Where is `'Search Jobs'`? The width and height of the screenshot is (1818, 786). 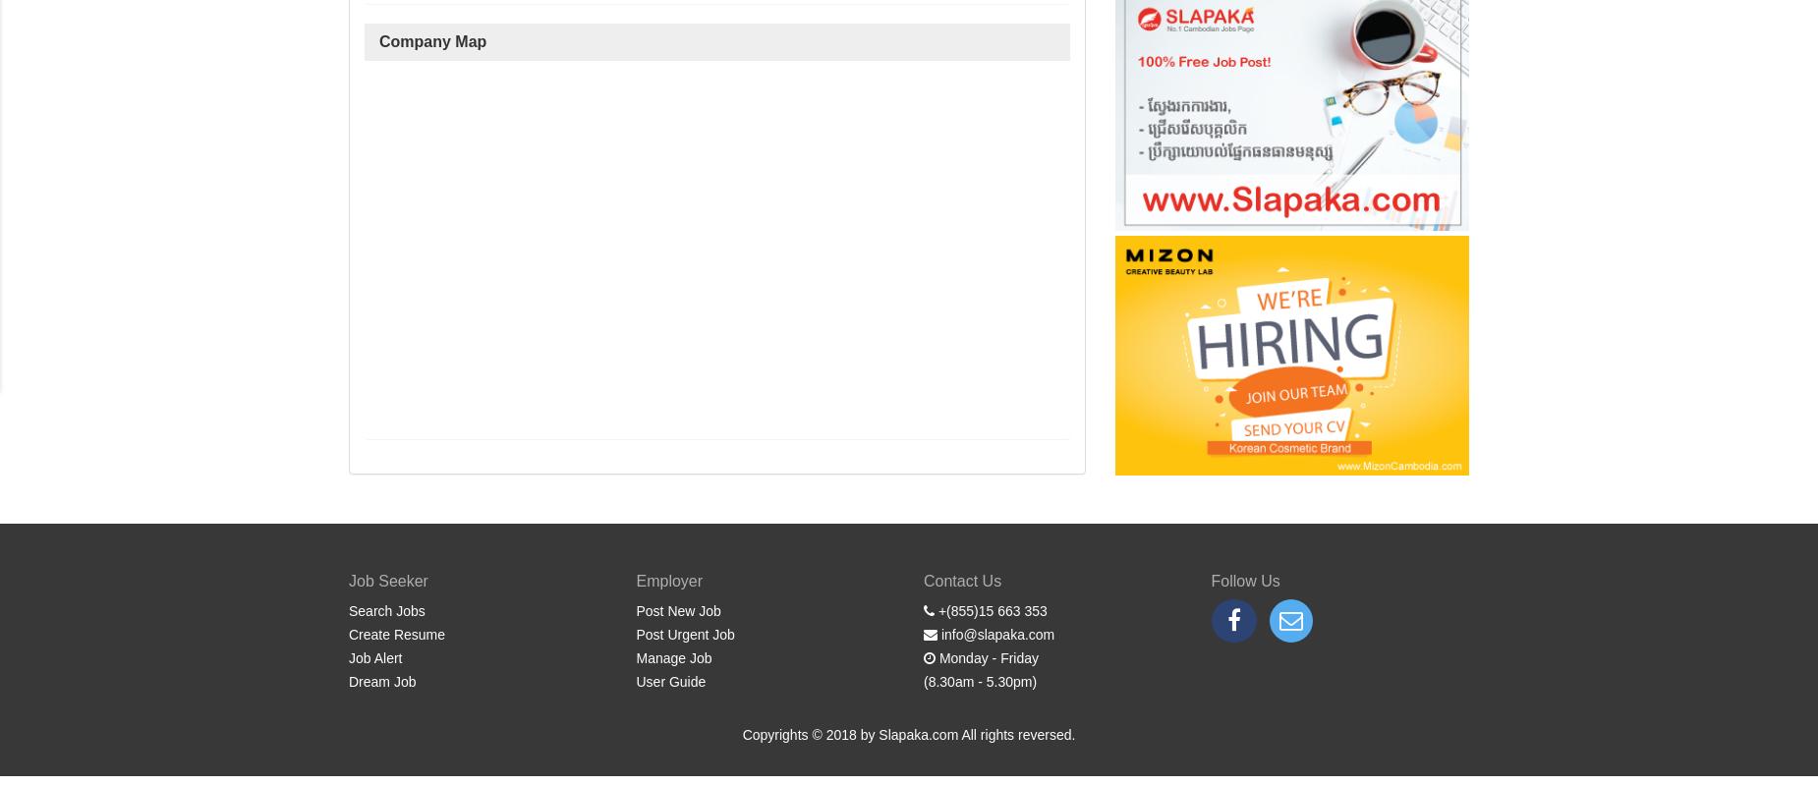 'Search Jobs' is located at coordinates (385, 611).